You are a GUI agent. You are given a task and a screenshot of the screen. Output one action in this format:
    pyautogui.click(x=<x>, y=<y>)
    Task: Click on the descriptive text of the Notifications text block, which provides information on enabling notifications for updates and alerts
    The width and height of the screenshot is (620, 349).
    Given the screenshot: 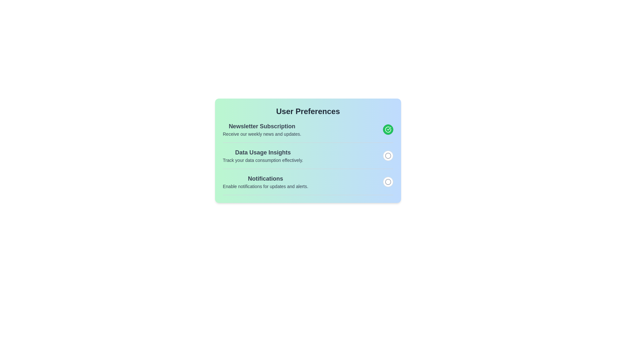 What is the action you would take?
    pyautogui.click(x=265, y=182)
    